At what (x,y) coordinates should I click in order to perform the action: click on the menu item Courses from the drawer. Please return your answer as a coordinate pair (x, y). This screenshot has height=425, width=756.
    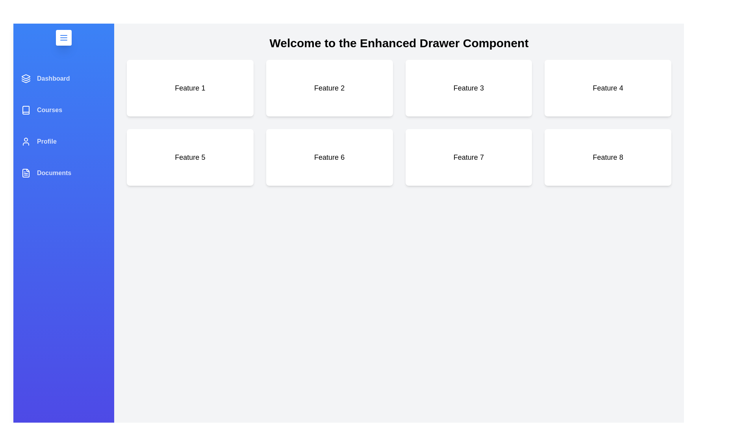
    Looking at the image, I should click on (64, 110).